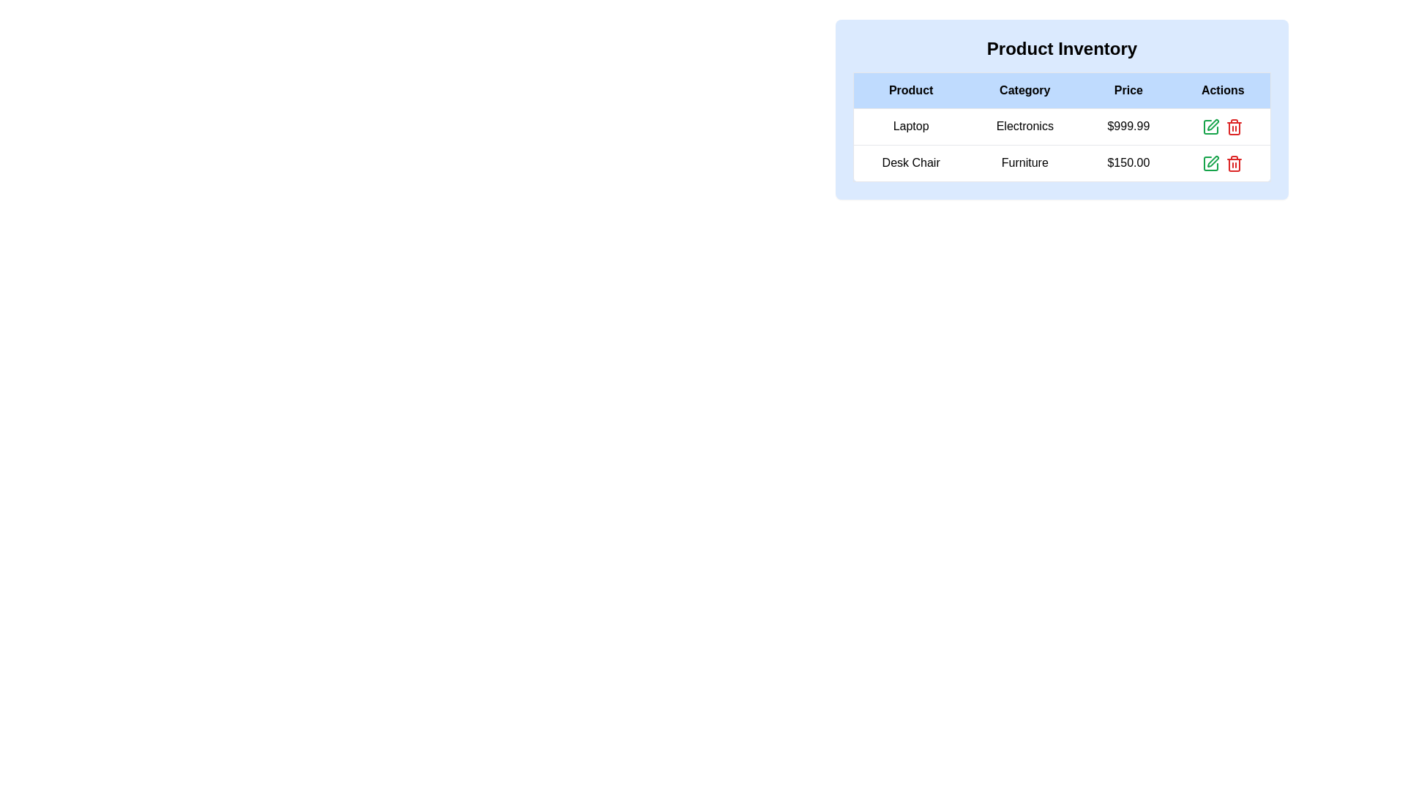  What do you see at coordinates (1234, 127) in the screenshot?
I see `the trash bin icon representing the delete action for the product 'Laptop' in the Actions column` at bounding box center [1234, 127].